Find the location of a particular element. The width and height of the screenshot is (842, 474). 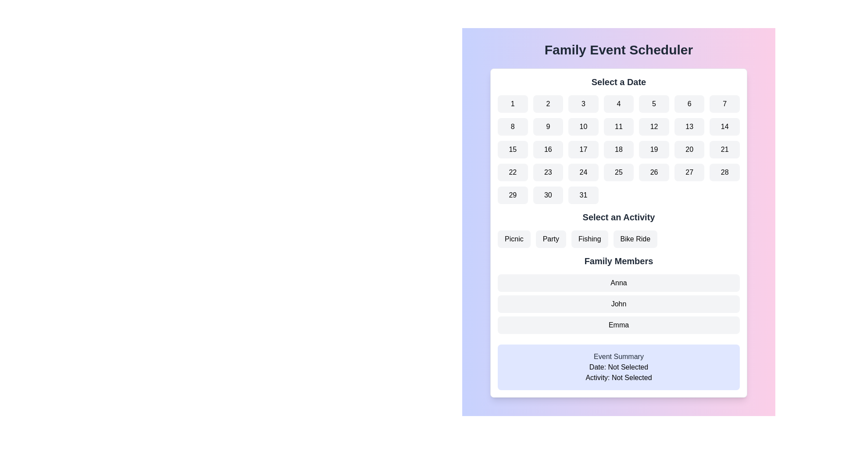

the button displaying the numeral '8' in the date selection interface is located at coordinates (513, 127).